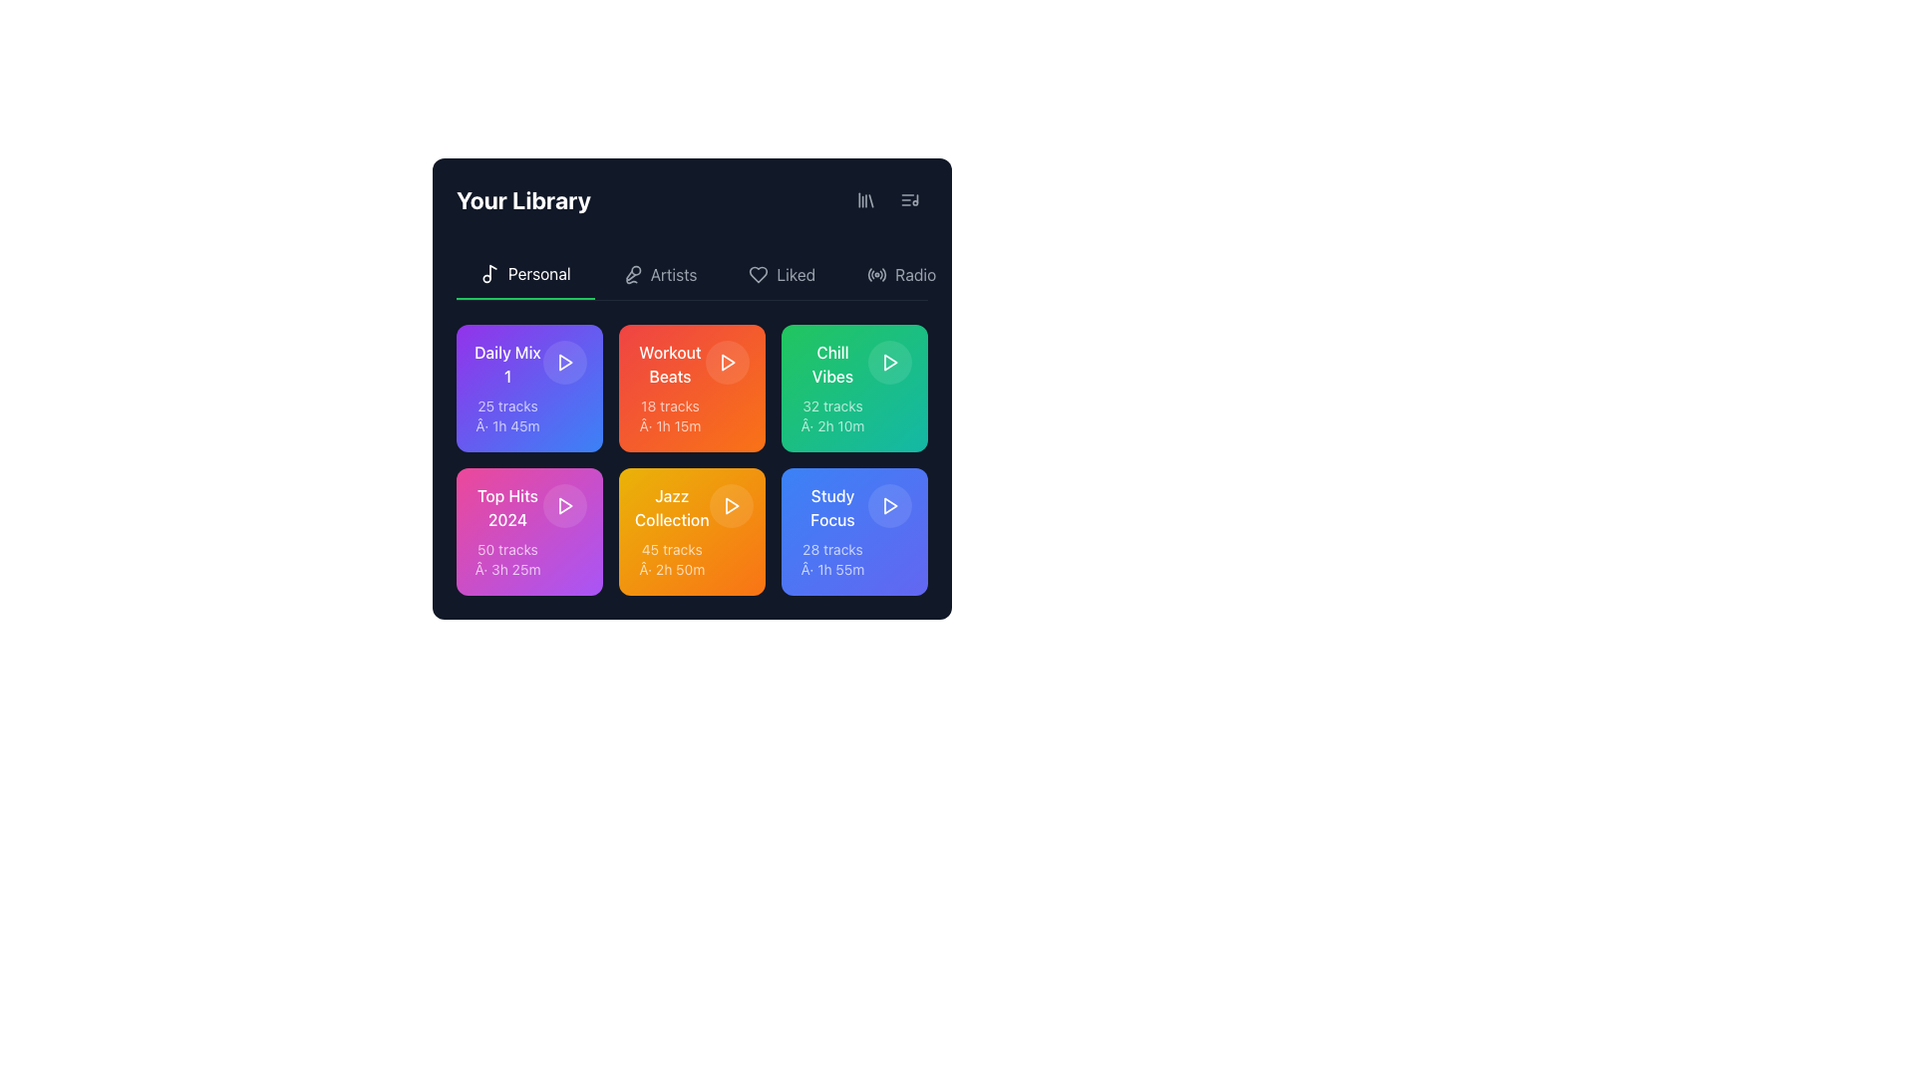  I want to click on the play button located in the top-right corner of the 'Chill Vibes' card, so click(888, 362).